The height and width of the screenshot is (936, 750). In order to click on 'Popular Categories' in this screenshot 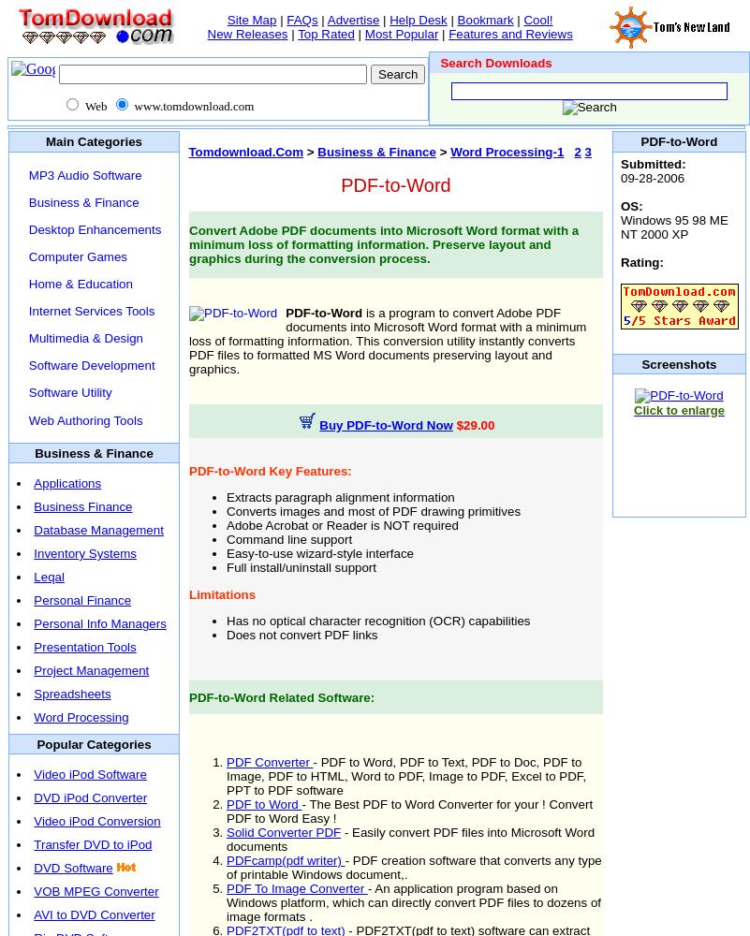, I will do `click(36, 743)`.